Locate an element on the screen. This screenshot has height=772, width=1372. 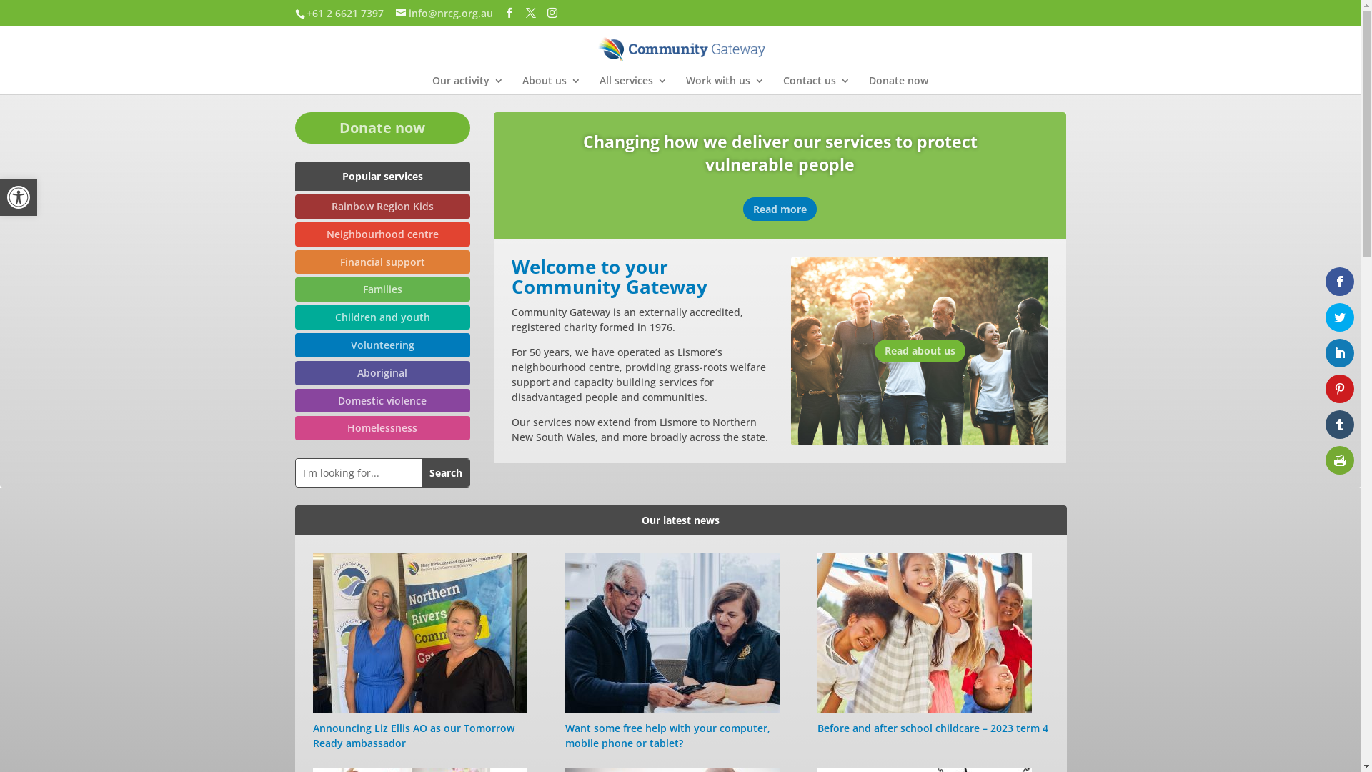
'Read about us' is located at coordinates (920, 350).